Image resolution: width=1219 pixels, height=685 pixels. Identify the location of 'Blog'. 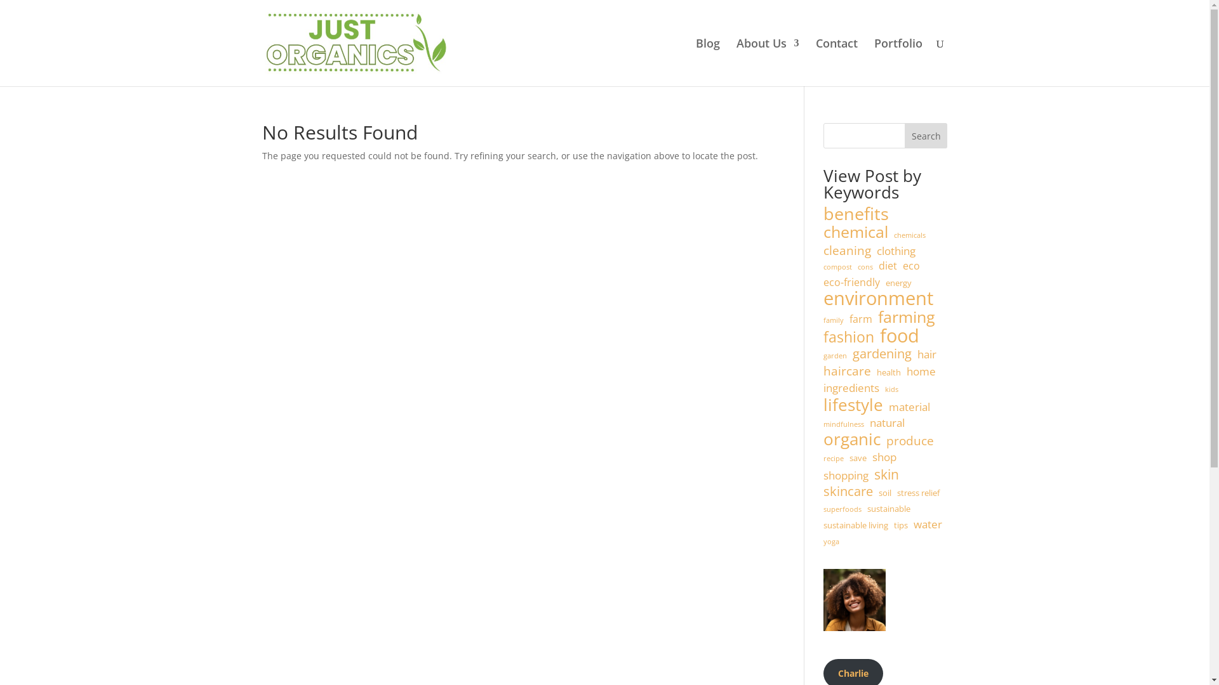
(707, 62).